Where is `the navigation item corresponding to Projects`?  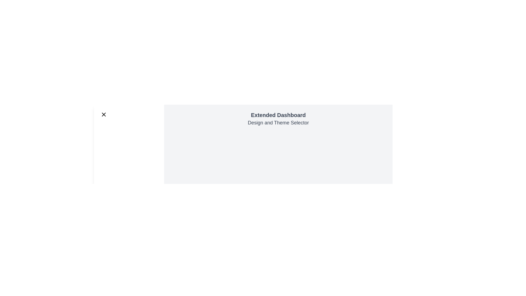 the navigation item corresponding to Projects is located at coordinates (128, 140).